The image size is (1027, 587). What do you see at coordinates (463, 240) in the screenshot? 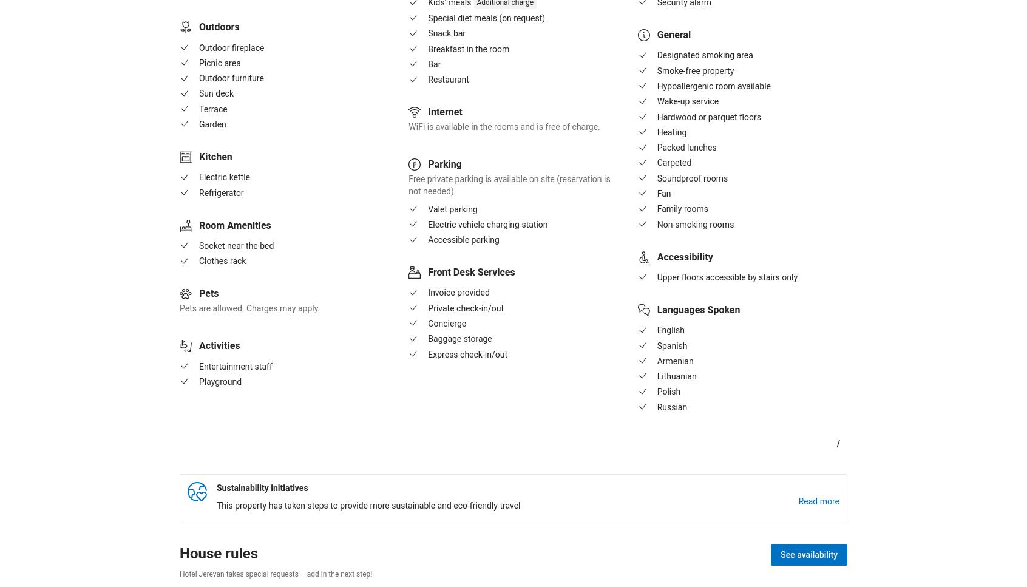
I see `'Accessible parking'` at bounding box center [463, 240].